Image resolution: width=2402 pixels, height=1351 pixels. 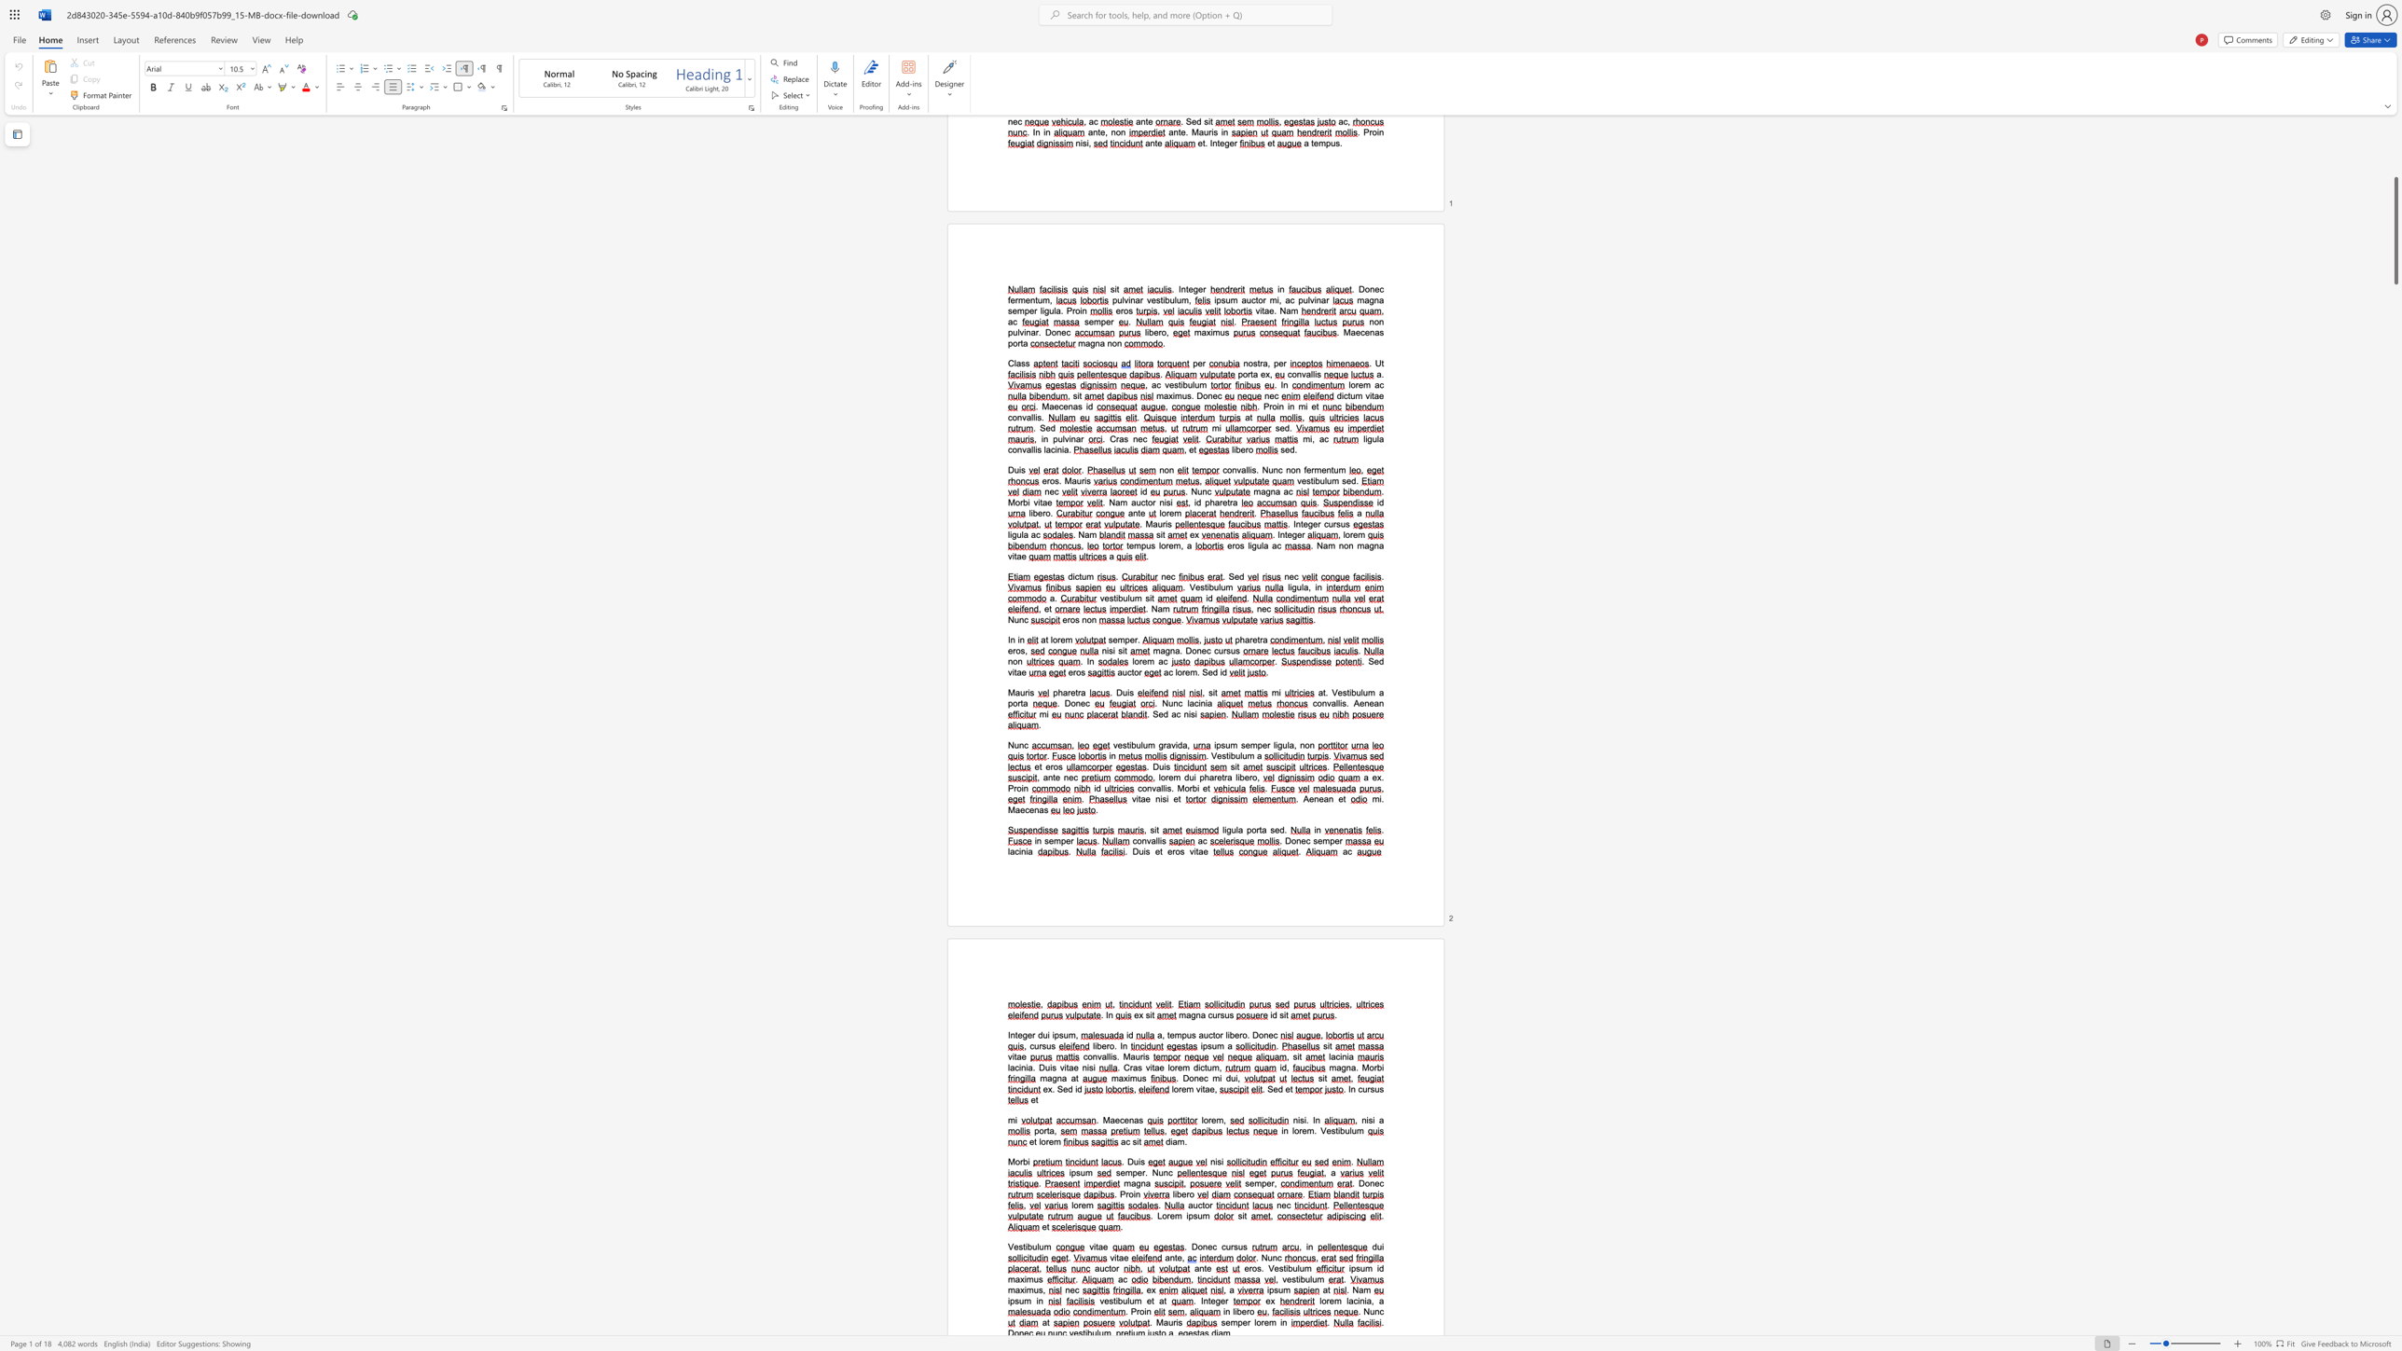 What do you see at coordinates (1201, 1301) in the screenshot?
I see `the 1th character "I" in the text` at bounding box center [1201, 1301].